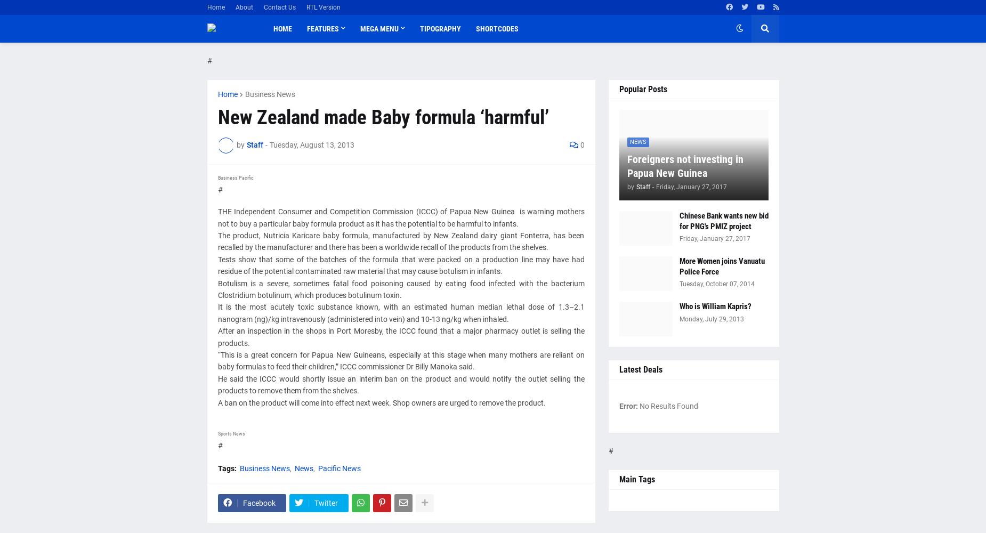  Describe the element at coordinates (328, 73) in the screenshot. I see `'Post Layouts'` at that location.